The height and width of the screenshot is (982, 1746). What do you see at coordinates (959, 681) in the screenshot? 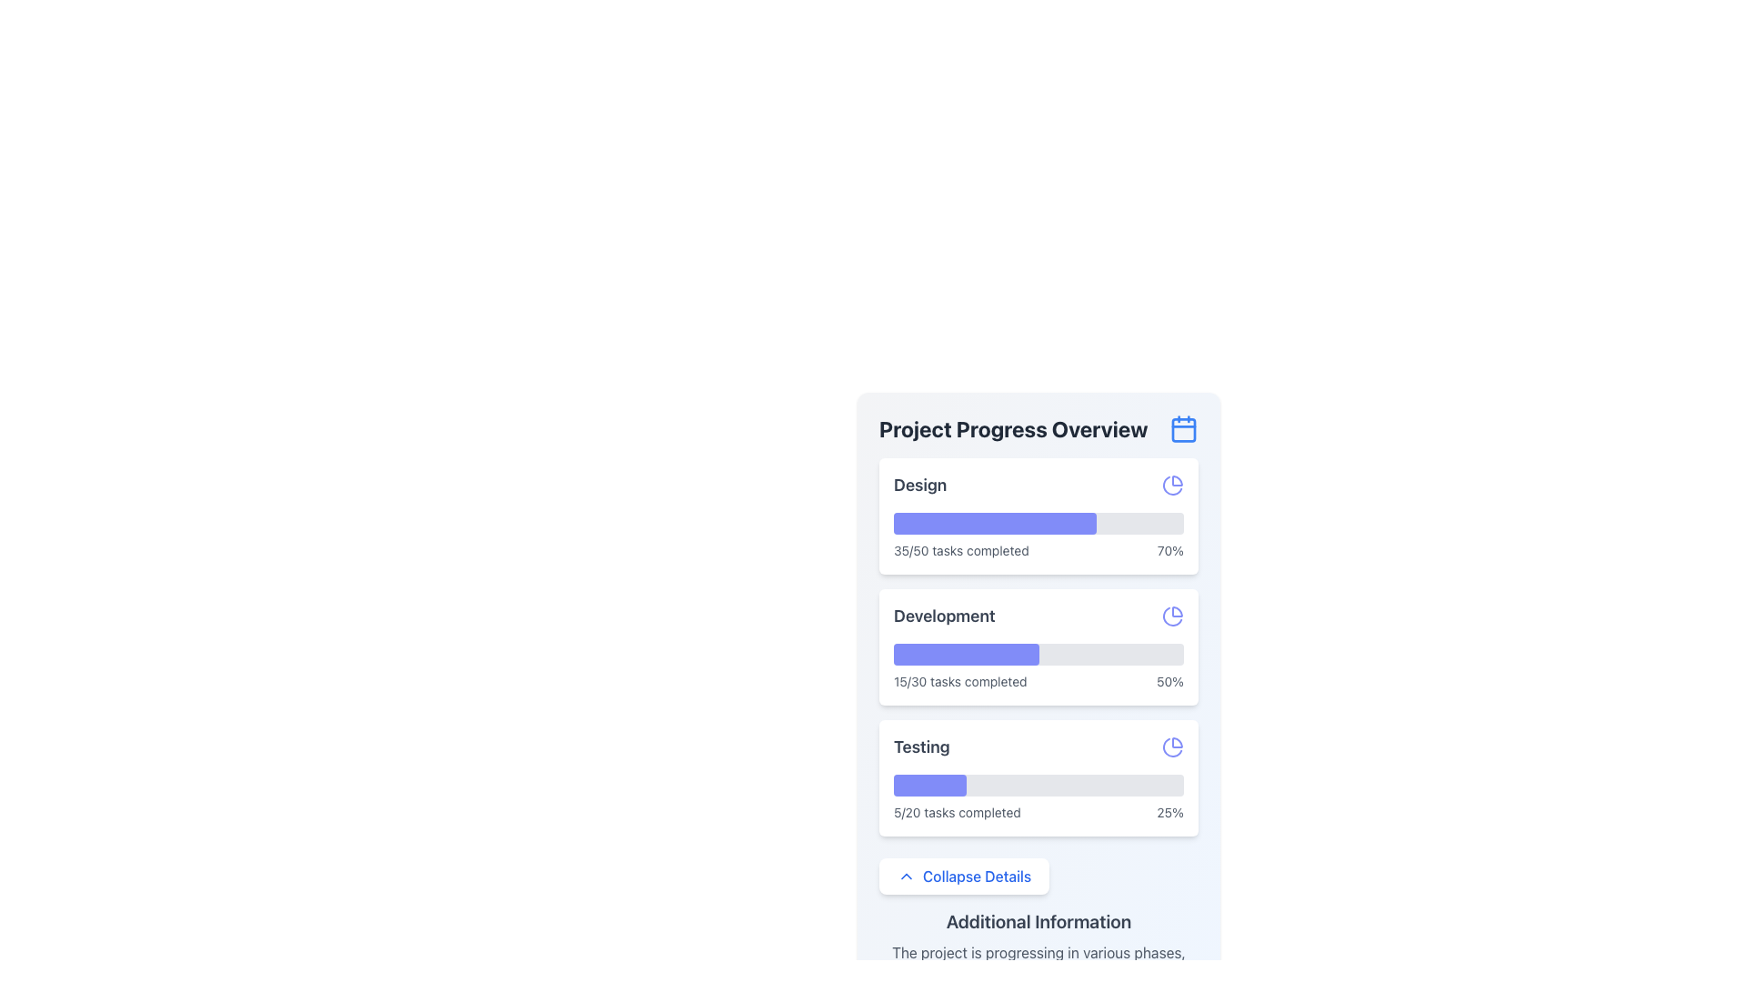
I see `the text label displaying '15/30 tasks completed', which is styled in dark gray and located in the bottom of the second card under the 'Development' section` at bounding box center [959, 681].